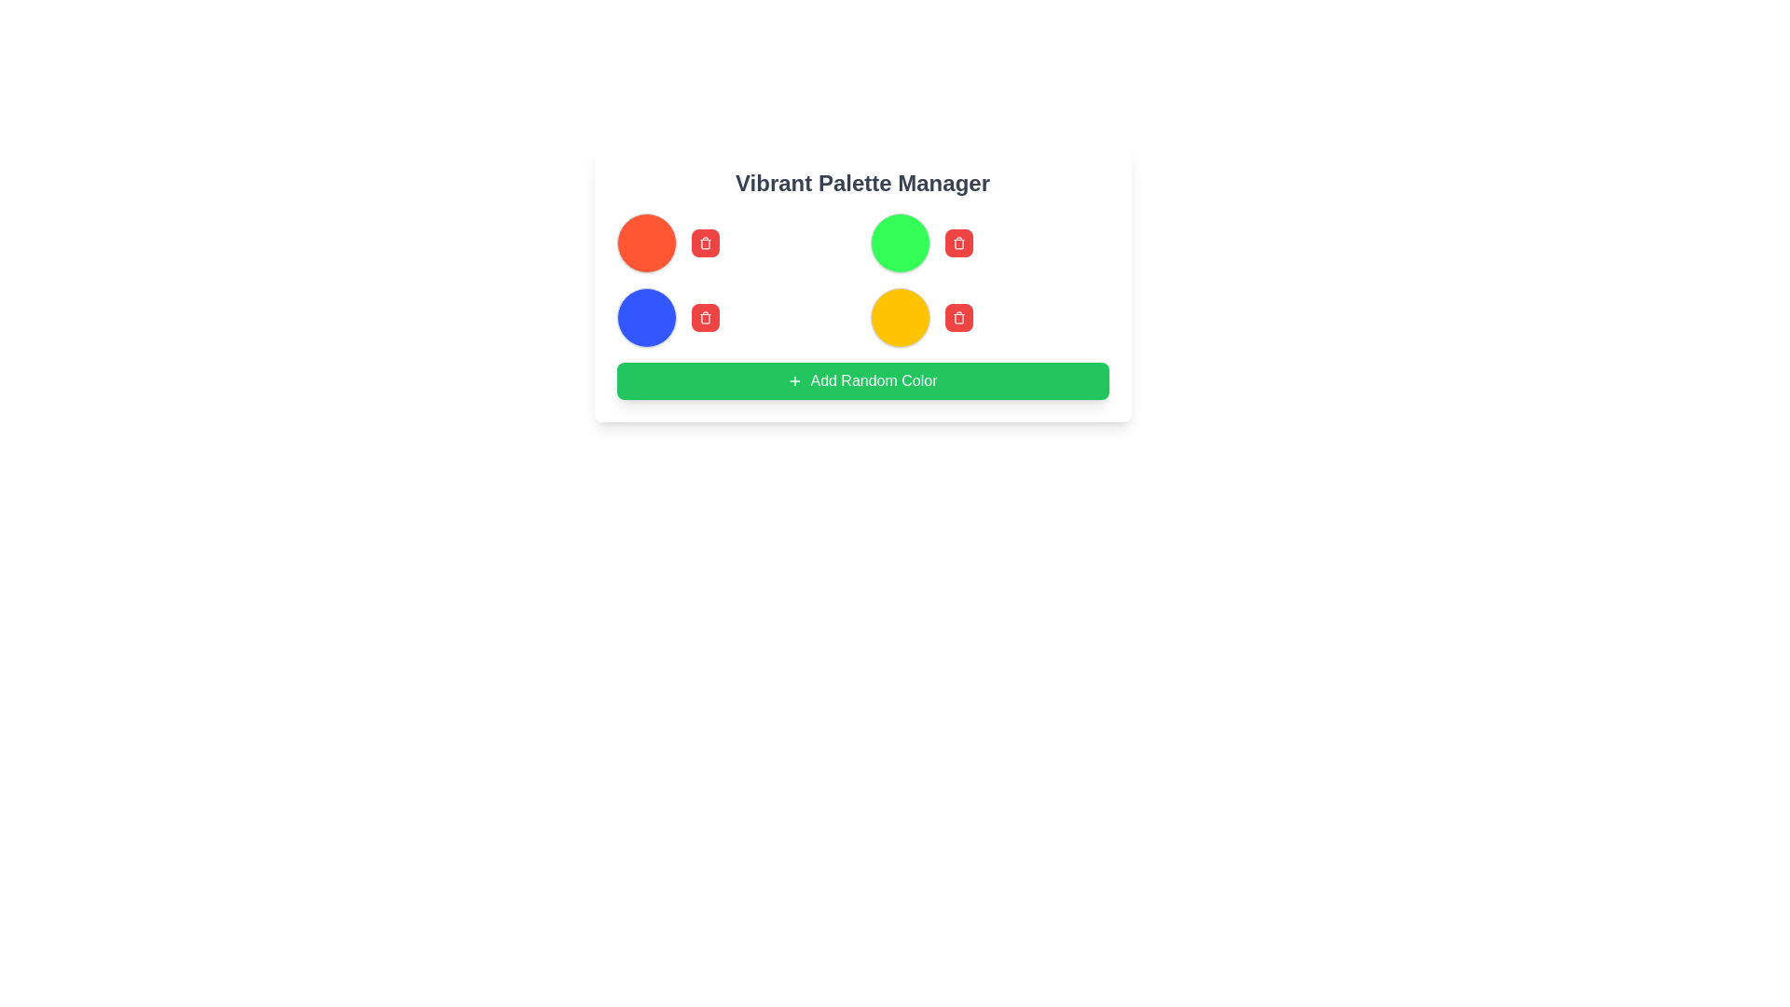  What do you see at coordinates (988, 242) in the screenshot?
I see `the red button with a white trashcan icon located in the third item of the grid under 'Vibrant Palette Manager'` at bounding box center [988, 242].